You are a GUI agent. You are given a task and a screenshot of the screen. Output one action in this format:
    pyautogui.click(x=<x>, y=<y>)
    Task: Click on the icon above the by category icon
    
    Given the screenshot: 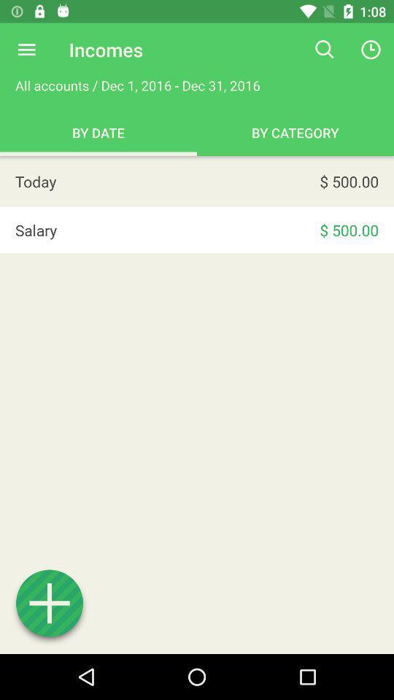 What is the action you would take?
    pyautogui.click(x=325, y=50)
    